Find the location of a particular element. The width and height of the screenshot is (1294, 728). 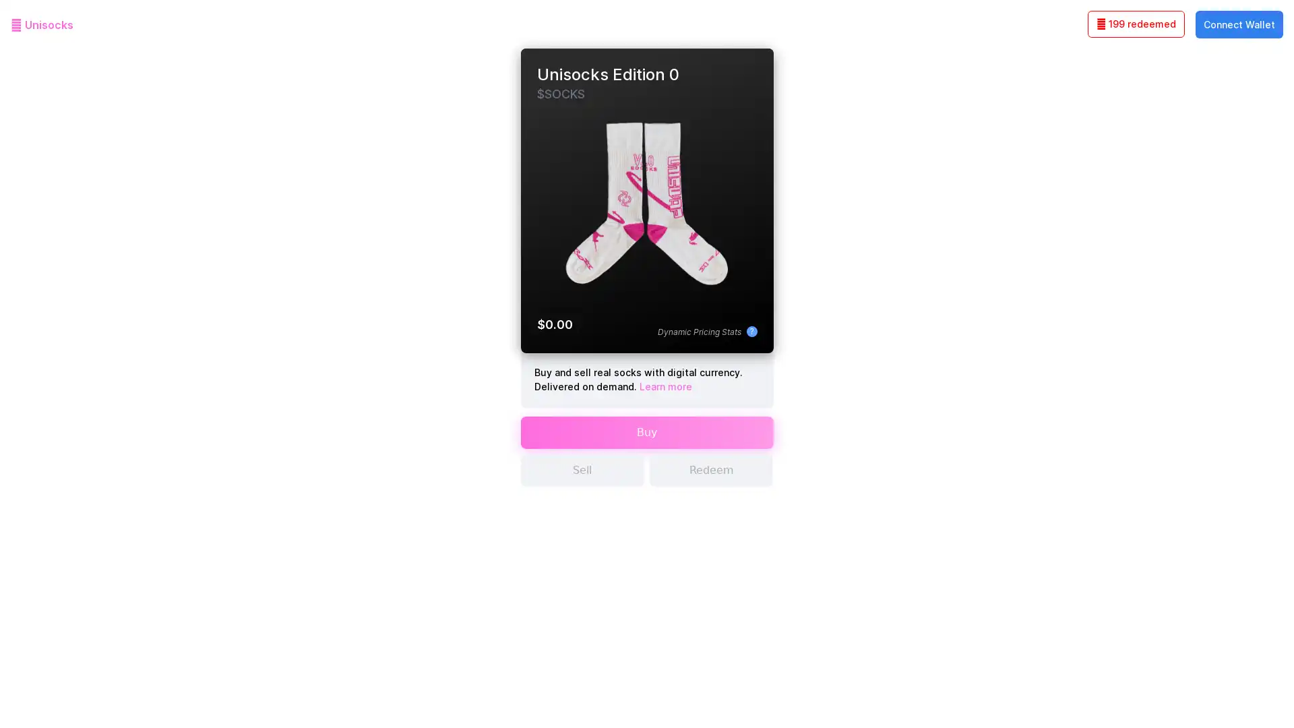

Buy is located at coordinates (646, 442).